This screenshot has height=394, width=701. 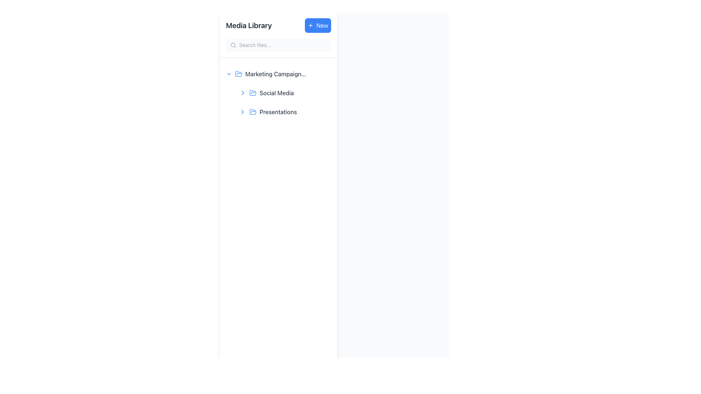 What do you see at coordinates (233, 45) in the screenshot?
I see `the decorative graphical element of the search icon located at the upper-left portion of the application interface` at bounding box center [233, 45].